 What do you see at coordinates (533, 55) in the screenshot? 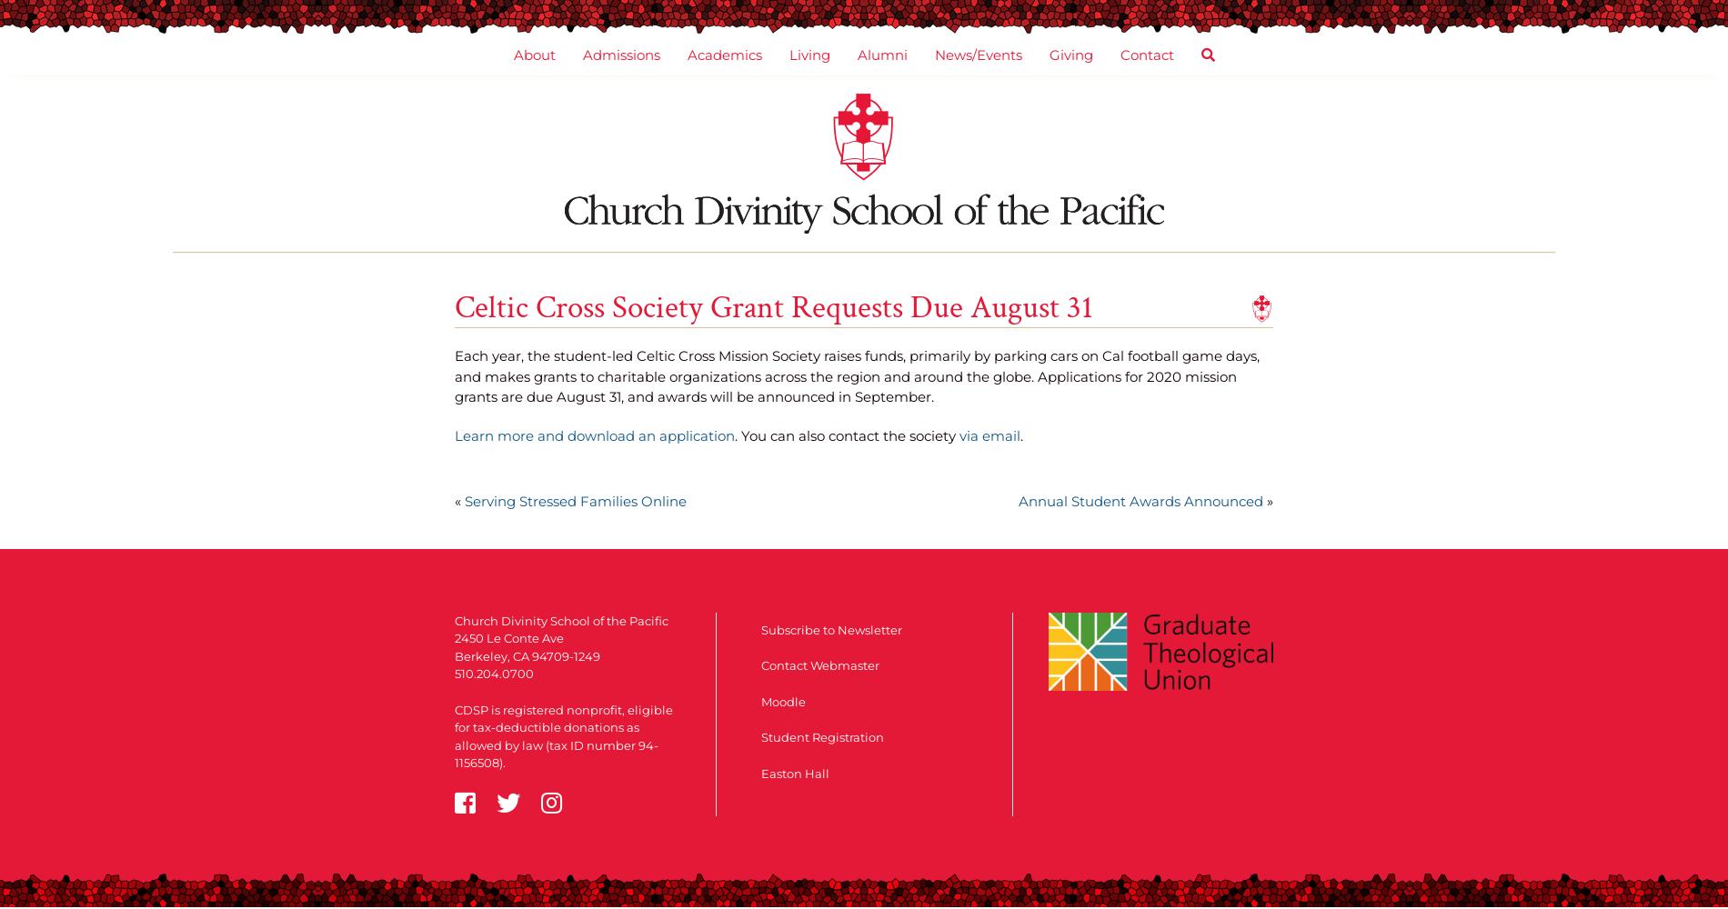
I see `'About'` at bounding box center [533, 55].